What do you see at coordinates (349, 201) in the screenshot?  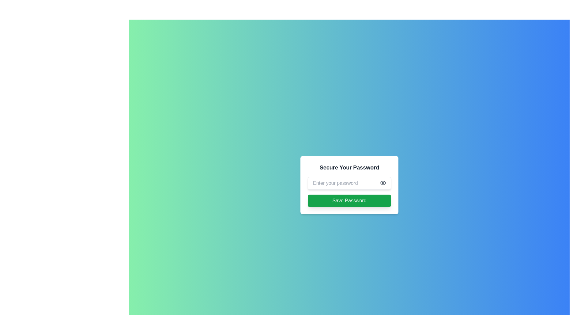 I see `the confirm button located below the 'Enter your password' field` at bounding box center [349, 201].